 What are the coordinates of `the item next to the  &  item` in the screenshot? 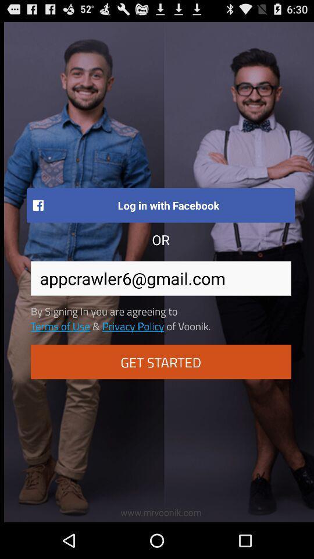 It's located at (133, 326).